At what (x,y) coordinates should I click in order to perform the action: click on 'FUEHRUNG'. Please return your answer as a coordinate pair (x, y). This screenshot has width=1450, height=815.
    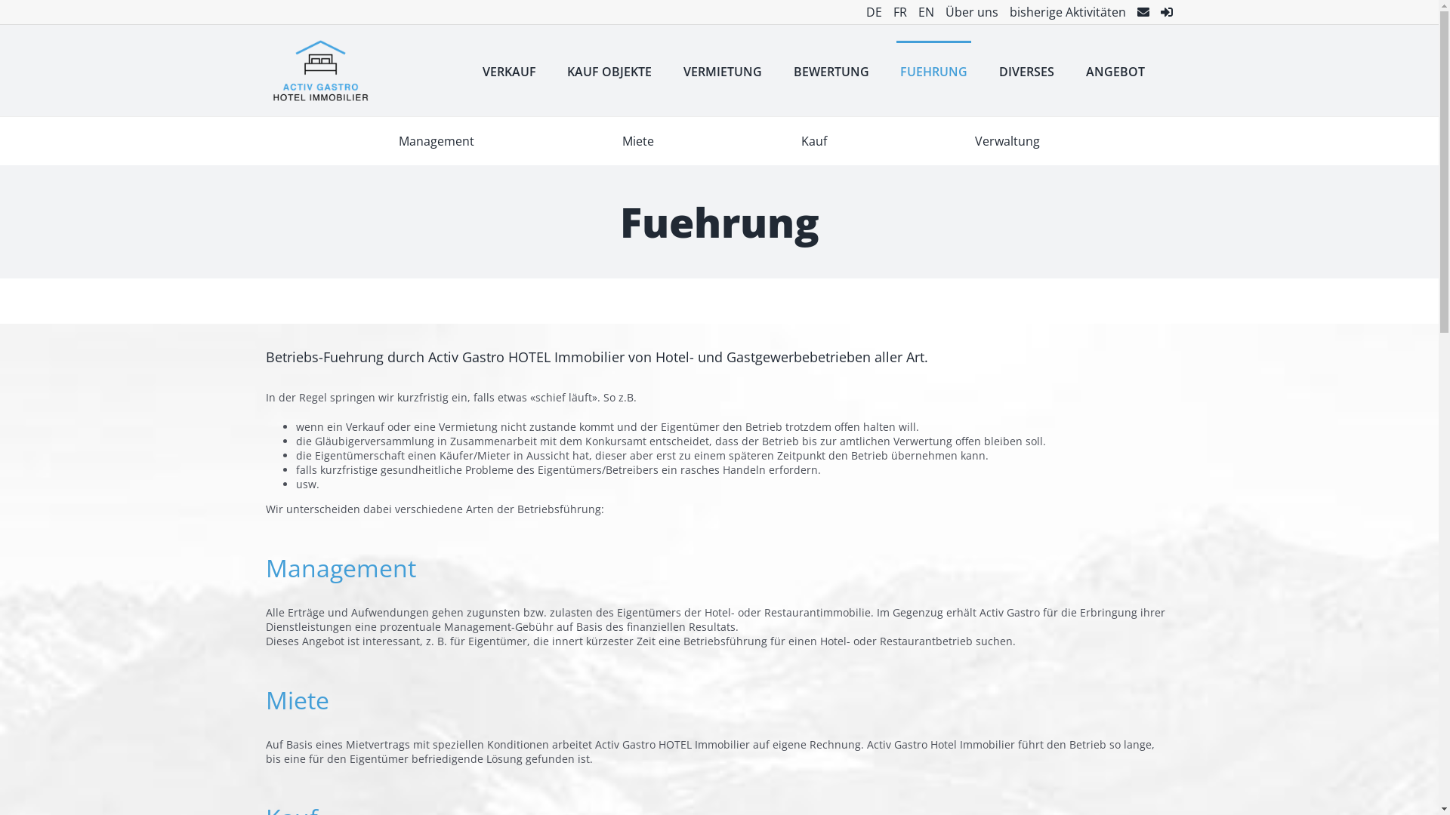
    Looking at the image, I should click on (933, 70).